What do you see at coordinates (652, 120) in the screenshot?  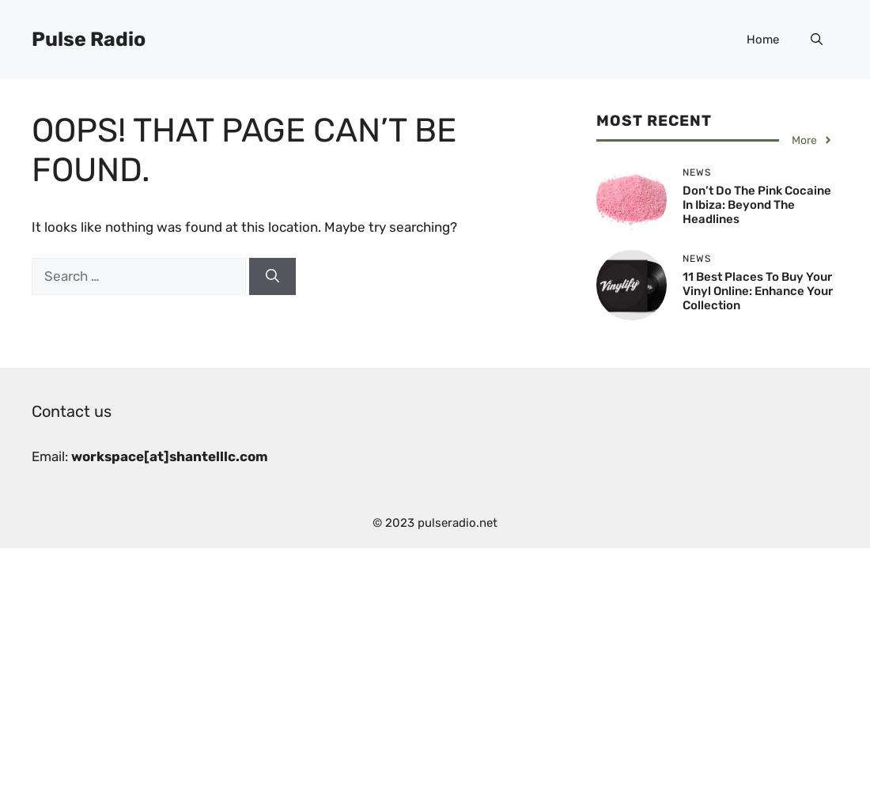 I see `'most recent'` at bounding box center [652, 120].